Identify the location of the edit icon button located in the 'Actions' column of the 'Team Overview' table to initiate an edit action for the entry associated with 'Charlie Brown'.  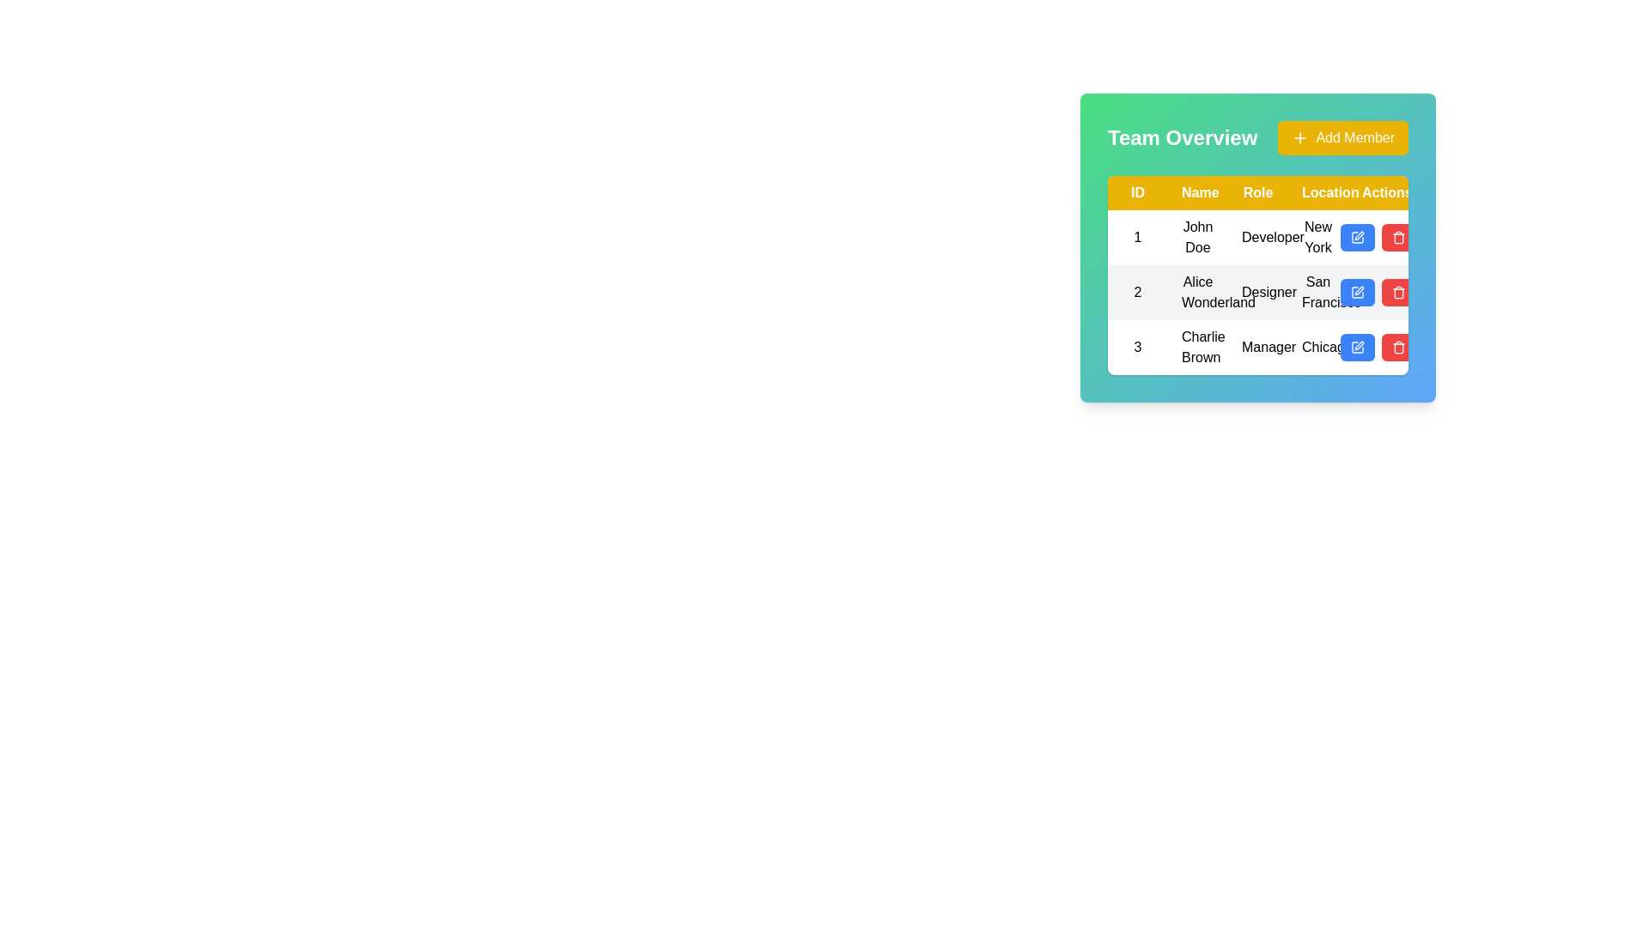
(1359, 345).